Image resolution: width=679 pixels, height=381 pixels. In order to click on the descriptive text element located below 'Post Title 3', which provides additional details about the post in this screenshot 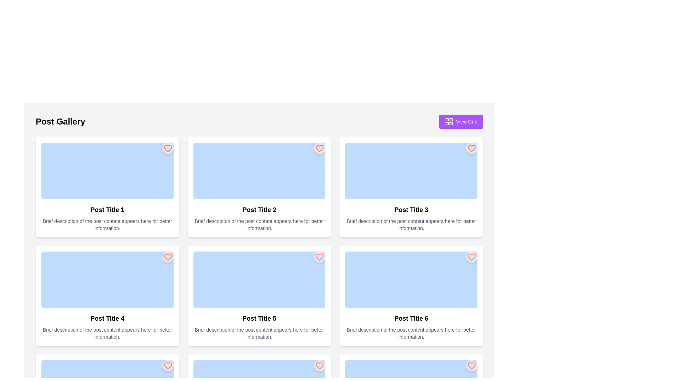, I will do `click(411, 224)`.